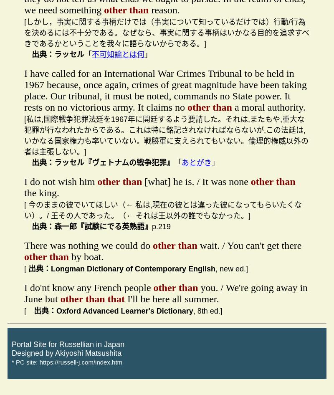 This screenshot has height=395, width=334. I want to click on 'by boat.', so click(68, 256).